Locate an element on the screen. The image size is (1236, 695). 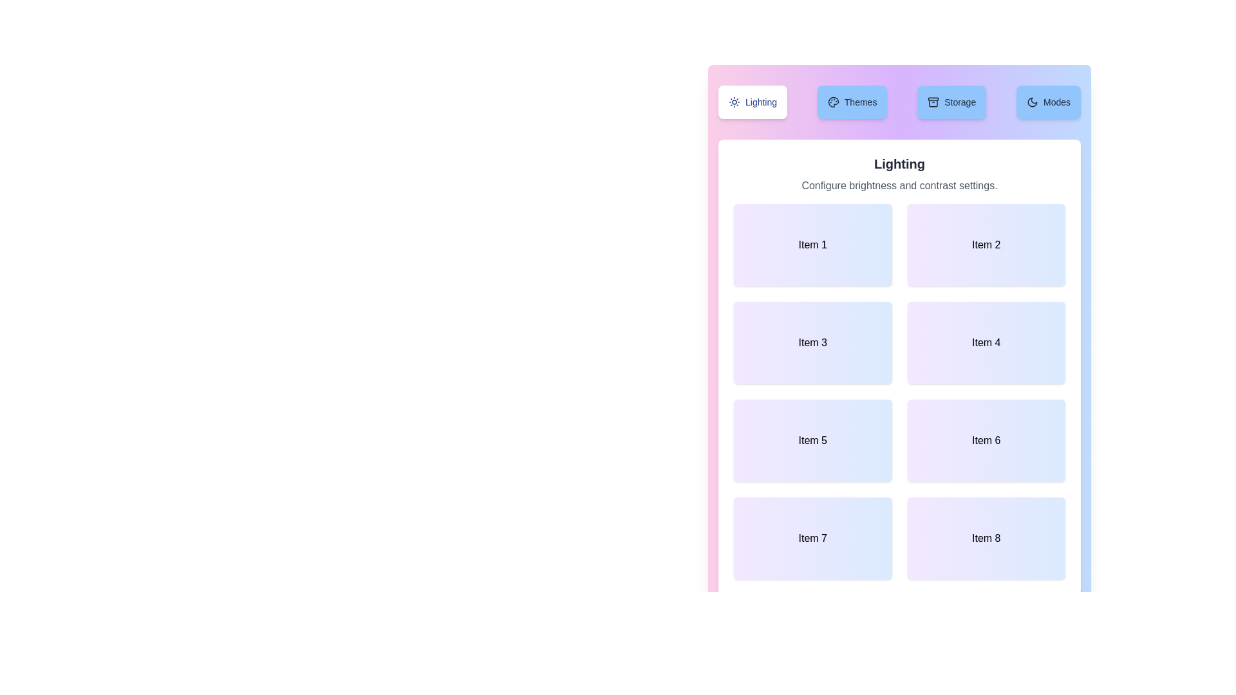
the button labeled Lighting to observe the hover effect is located at coordinates (753, 101).